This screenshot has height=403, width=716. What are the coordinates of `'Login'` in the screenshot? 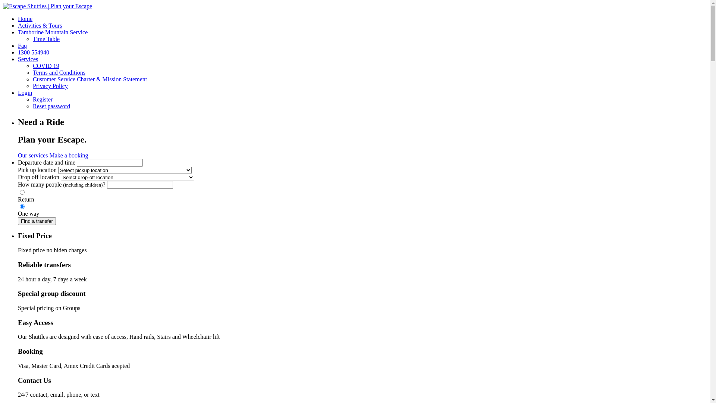 It's located at (18, 92).